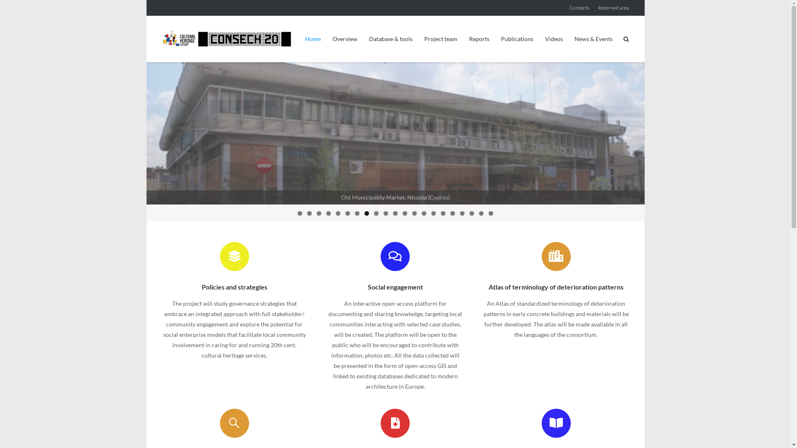  What do you see at coordinates (460, 213) in the screenshot?
I see `'18'` at bounding box center [460, 213].